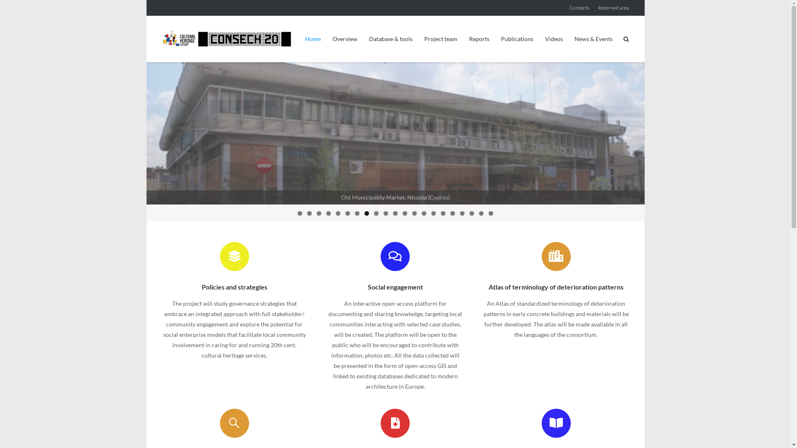  What do you see at coordinates (460, 213) in the screenshot?
I see `'18'` at bounding box center [460, 213].